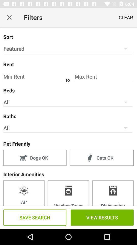 The image size is (137, 245). Describe the element at coordinates (33, 76) in the screenshot. I see `type in minimum rent` at that location.